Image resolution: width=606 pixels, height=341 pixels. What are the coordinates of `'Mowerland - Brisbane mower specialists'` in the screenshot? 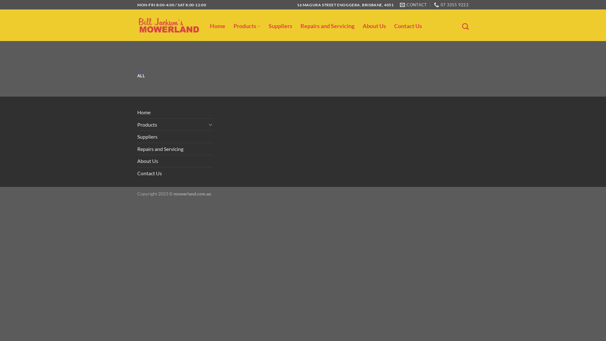 It's located at (169, 25).